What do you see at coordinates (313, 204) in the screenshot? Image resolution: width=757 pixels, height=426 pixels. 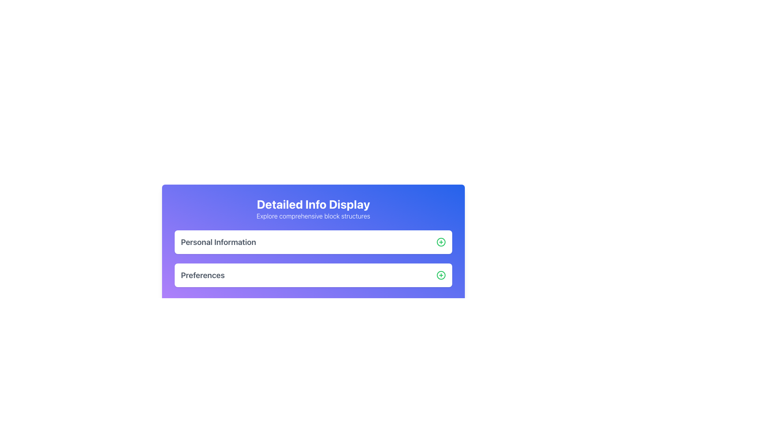 I see `the Text Label located in the light purple header section, which serves as the primary title above the subheading 'Explore comprehensive block structures'` at bounding box center [313, 204].